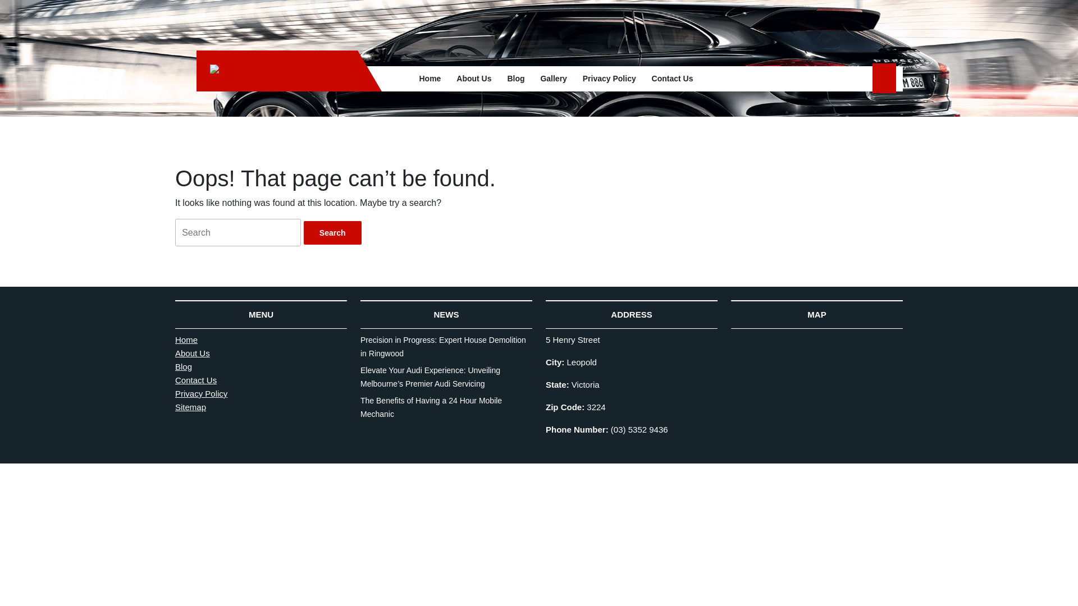 This screenshot has height=606, width=1078. What do you see at coordinates (429, 78) in the screenshot?
I see `'Home'` at bounding box center [429, 78].